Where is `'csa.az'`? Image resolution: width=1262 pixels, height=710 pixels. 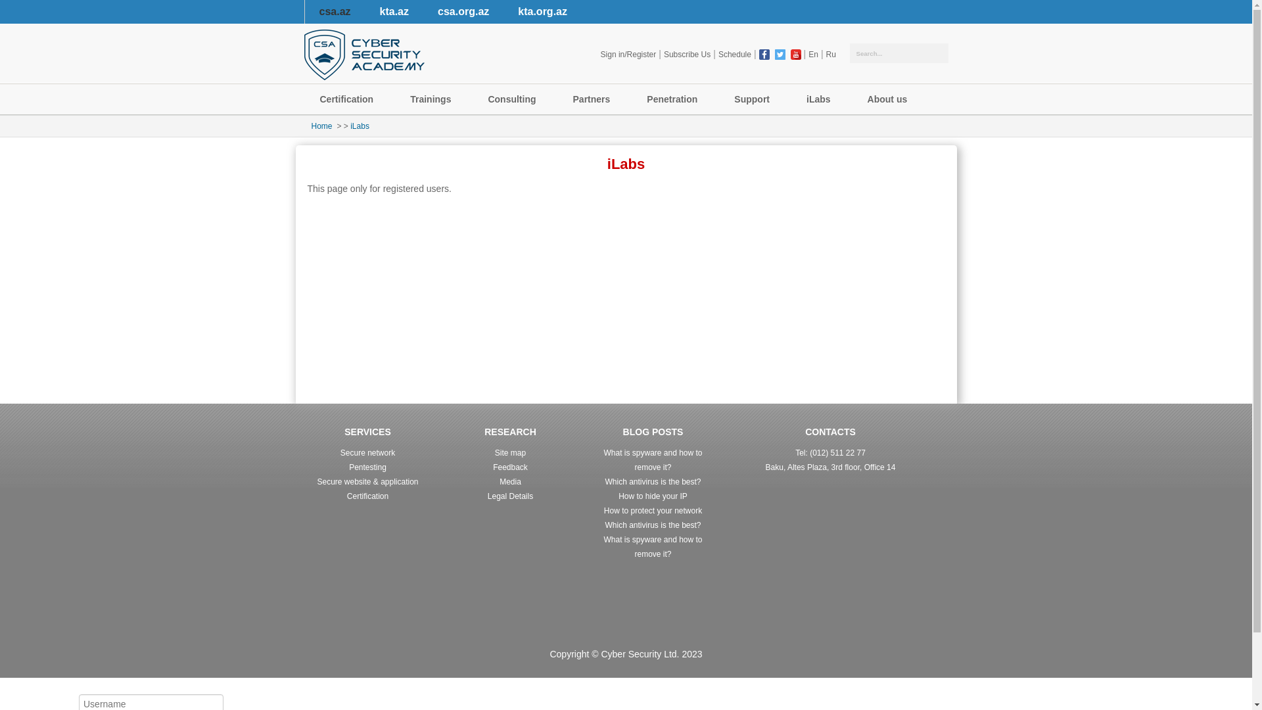 'csa.az' is located at coordinates (334, 12).